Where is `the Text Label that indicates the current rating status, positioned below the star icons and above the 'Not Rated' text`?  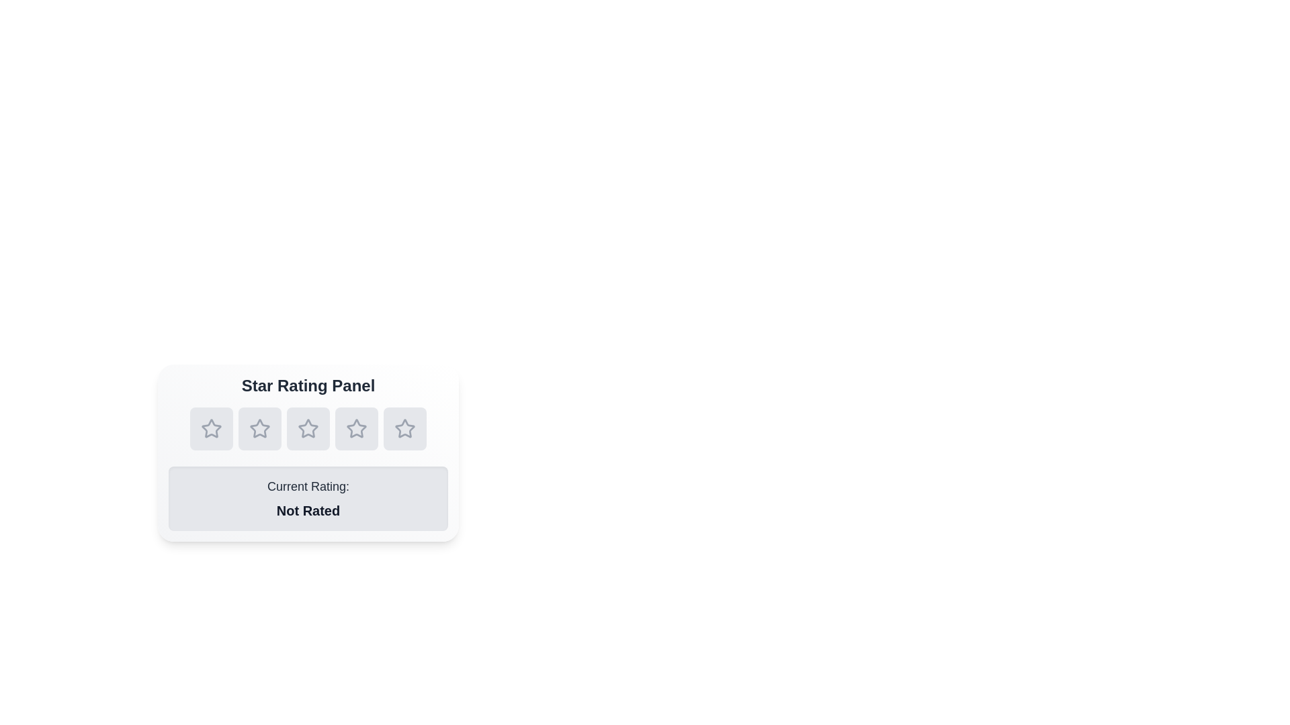 the Text Label that indicates the current rating status, positioned below the star icons and above the 'Not Rated' text is located at coordinates (308, 487).